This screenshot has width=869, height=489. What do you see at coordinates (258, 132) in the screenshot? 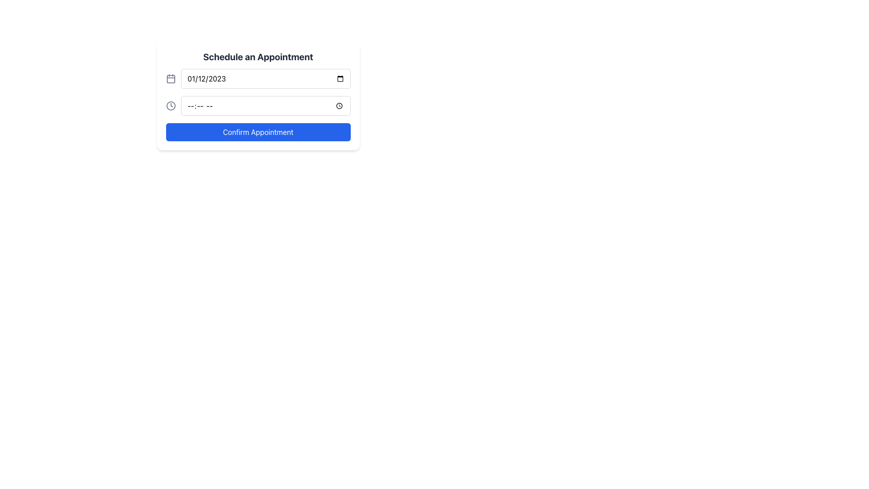
I see `the 'Confirm Appointment' button, which is a rectangular button with a blue background and white text, located below the date and time picker input fields` at bounding box center [258, 132].